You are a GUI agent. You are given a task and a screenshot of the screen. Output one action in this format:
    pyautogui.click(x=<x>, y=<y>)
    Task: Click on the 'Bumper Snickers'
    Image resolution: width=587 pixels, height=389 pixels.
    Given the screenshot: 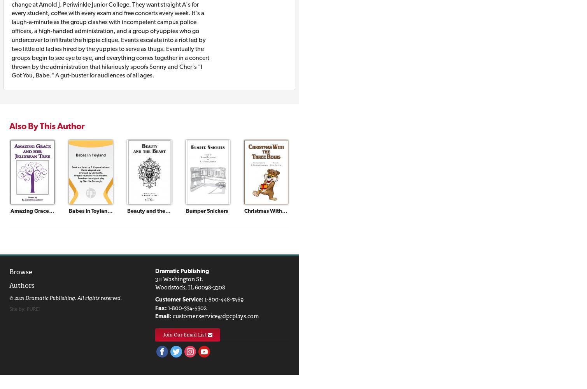 What is the action you would take?
    pyautogui.click(x=207, y=210)
    